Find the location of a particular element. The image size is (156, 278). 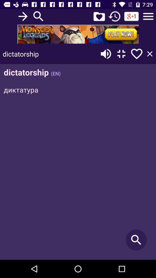

this element to favorite is located at coordinates (136, 54).